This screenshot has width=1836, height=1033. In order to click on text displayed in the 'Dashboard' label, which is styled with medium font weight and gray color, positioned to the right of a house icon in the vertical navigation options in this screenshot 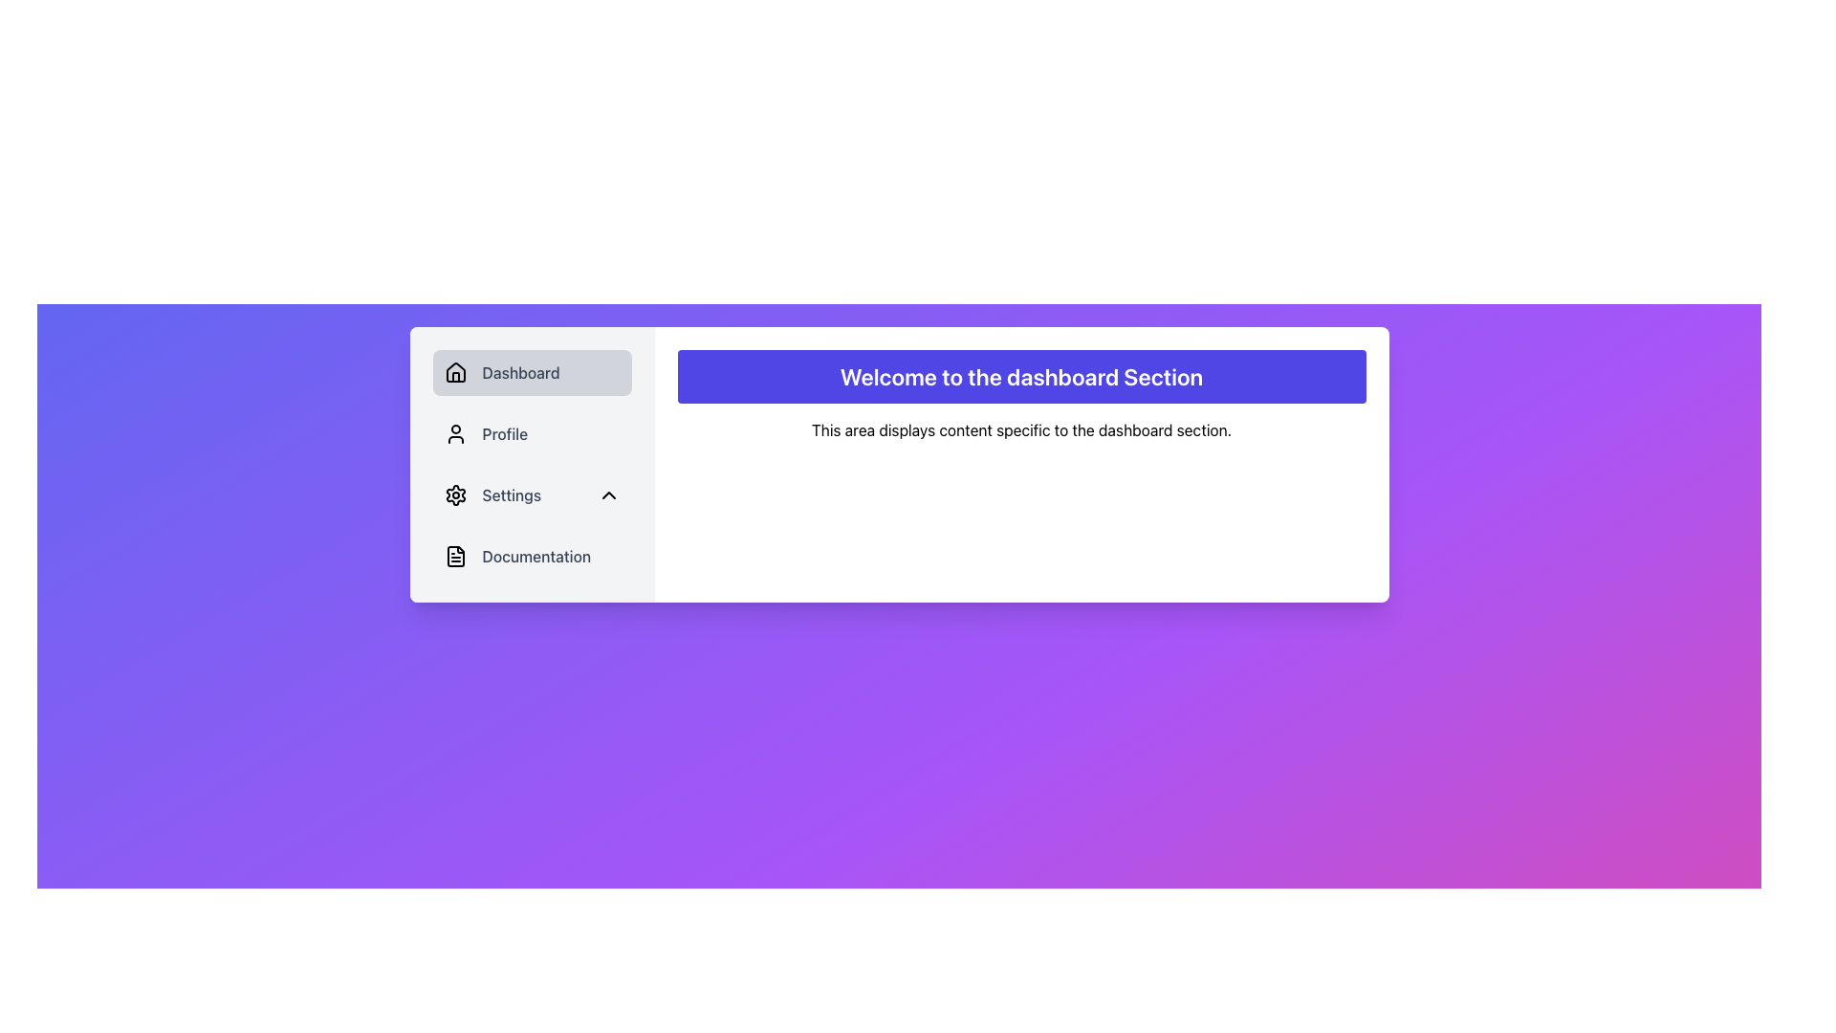, I will do `click(521, 372)`.